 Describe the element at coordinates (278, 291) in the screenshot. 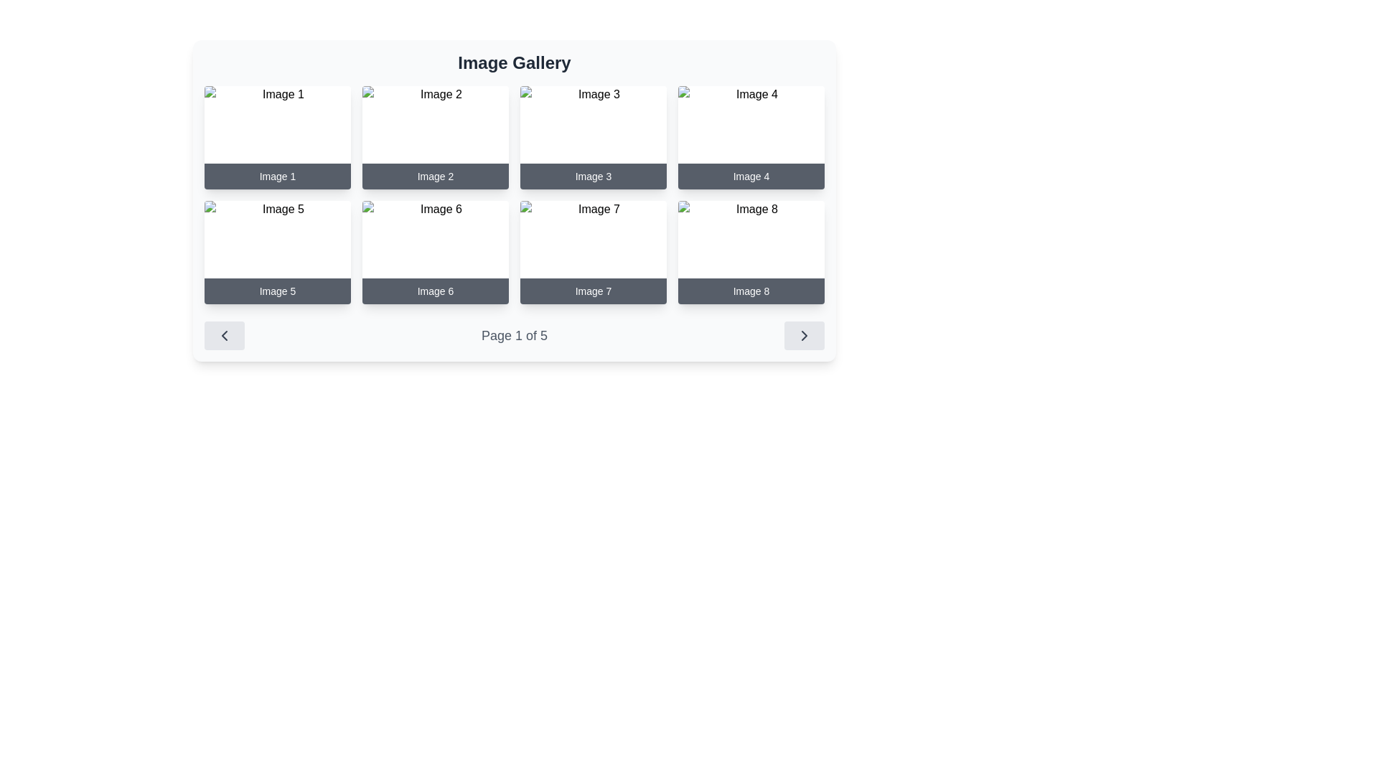

I see `the text label that serves as a caption for the fifth item in the gallery layout` at that location.